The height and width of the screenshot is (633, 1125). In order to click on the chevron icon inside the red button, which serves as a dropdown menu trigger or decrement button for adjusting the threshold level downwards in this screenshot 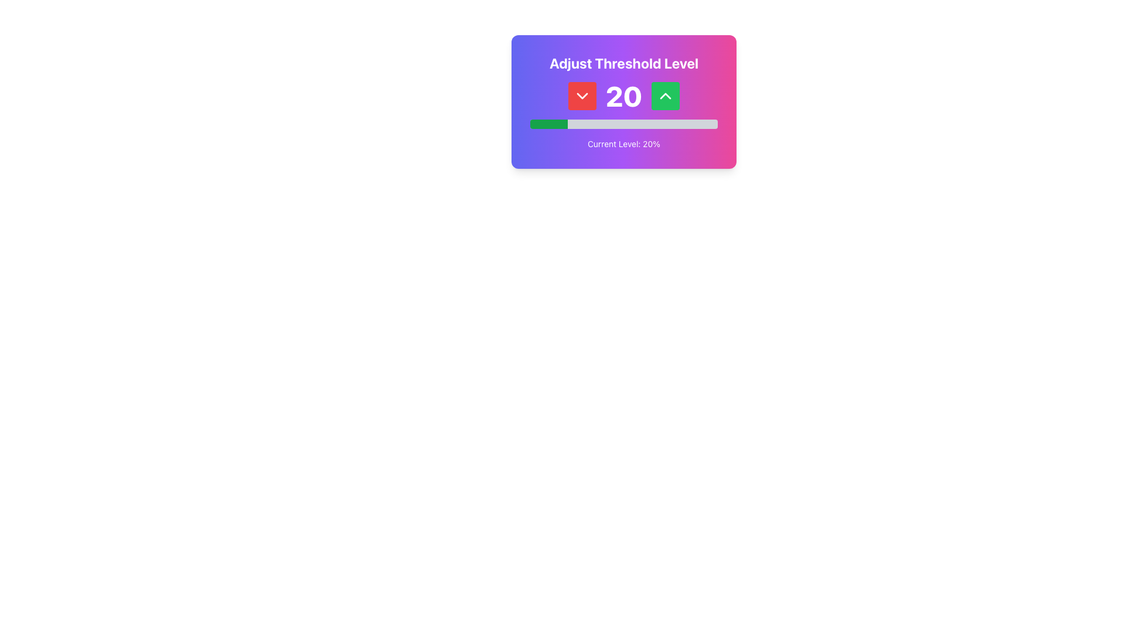, I will do `click(582, 96)`.